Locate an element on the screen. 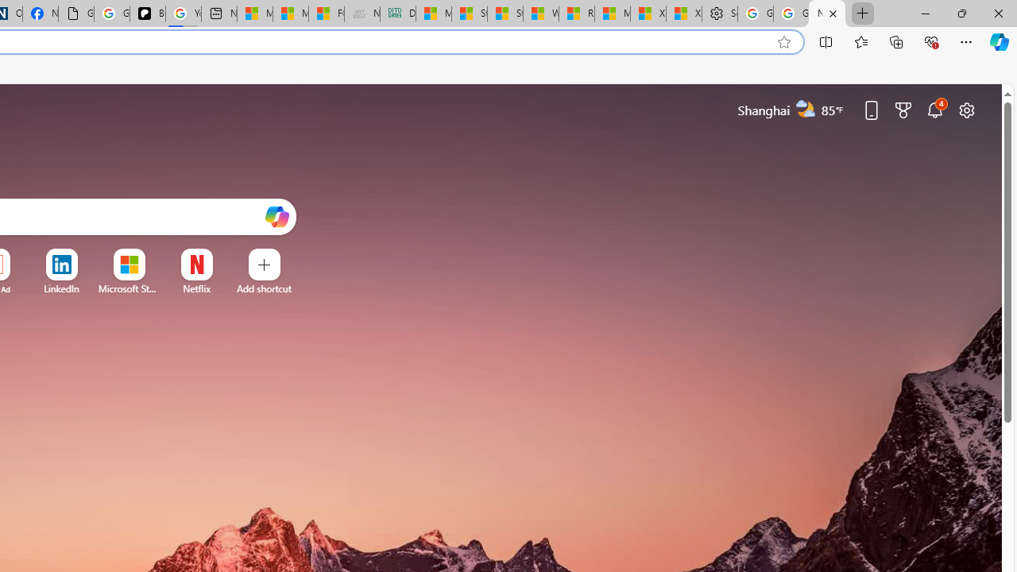 The width and height of the screenshot is (1017, 572). 'Netflix' is located at coordinates (195, 288).